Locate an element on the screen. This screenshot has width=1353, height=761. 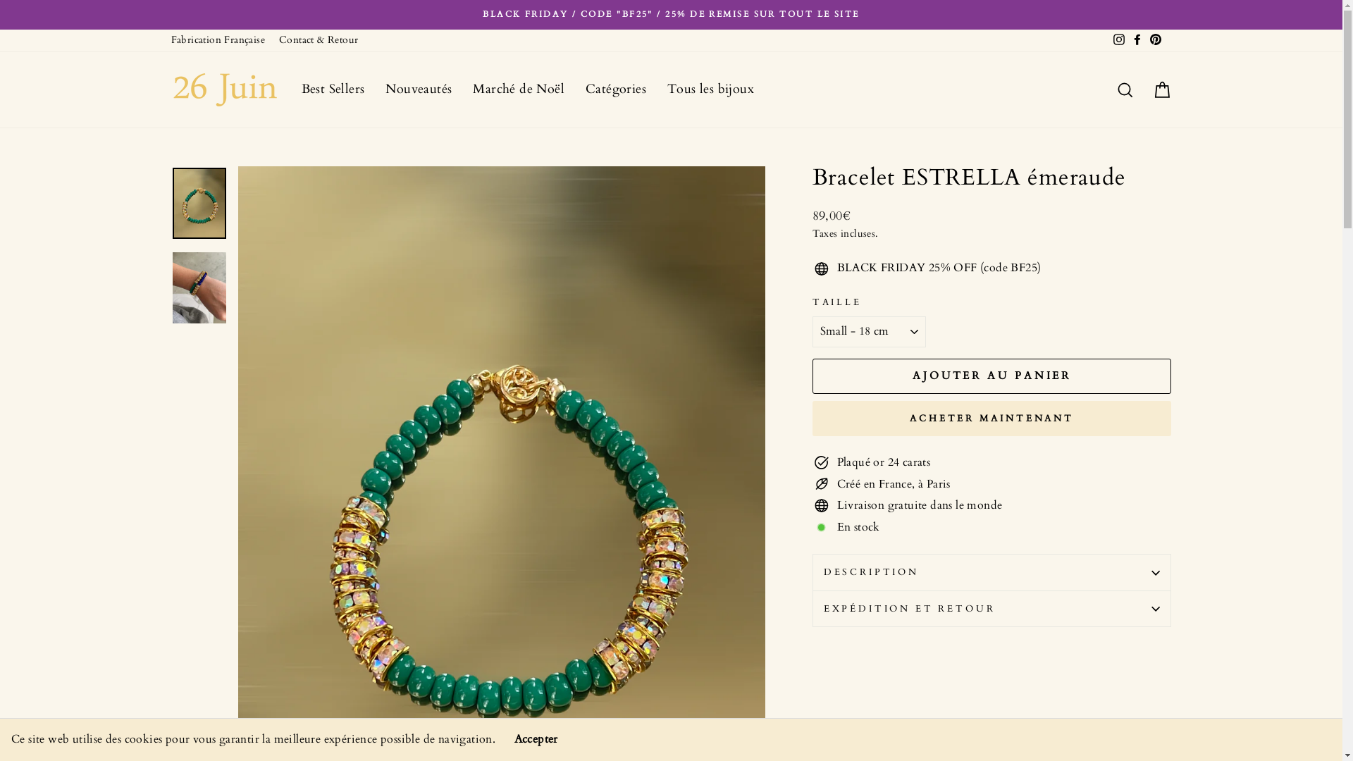
'Accepter' is located at coordinates (509, 738).